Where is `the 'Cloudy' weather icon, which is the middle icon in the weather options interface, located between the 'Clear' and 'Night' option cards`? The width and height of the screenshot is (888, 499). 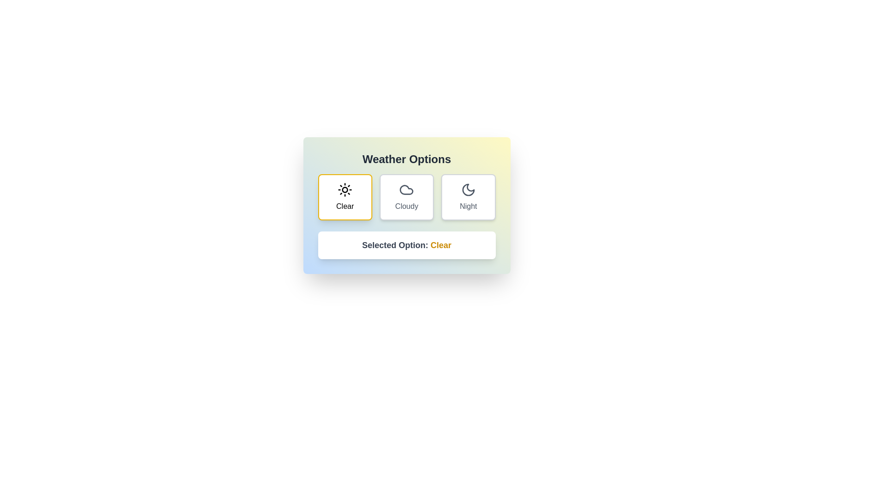
the 'Cloudy' weather icon, which is the middle icon in the weather options interface, located between the 'Clear' and 'Night' option cards is located at coordinates (407, 189).